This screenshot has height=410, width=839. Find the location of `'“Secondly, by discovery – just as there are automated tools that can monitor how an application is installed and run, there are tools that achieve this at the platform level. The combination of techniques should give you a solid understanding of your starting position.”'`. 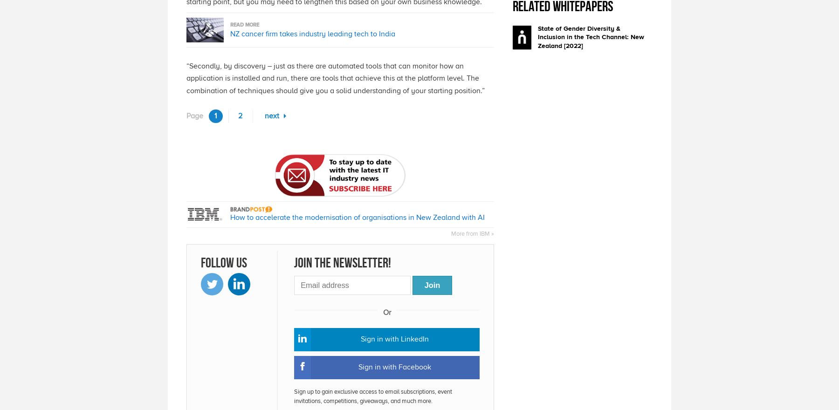

'“Secondly, by discovery – just as there are automated tools that can monitor how an application is installed and run, there are tools that achieve this at the platform level. The combination of techniques should give you a solid understanding of your starting position.”' is located at coordinates (335, 77).